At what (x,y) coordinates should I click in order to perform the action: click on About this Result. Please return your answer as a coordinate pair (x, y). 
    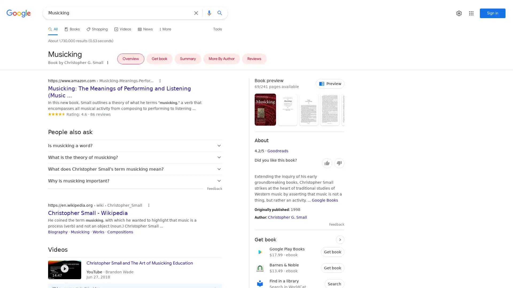
    Looking at the image, I should click on (160, 81).